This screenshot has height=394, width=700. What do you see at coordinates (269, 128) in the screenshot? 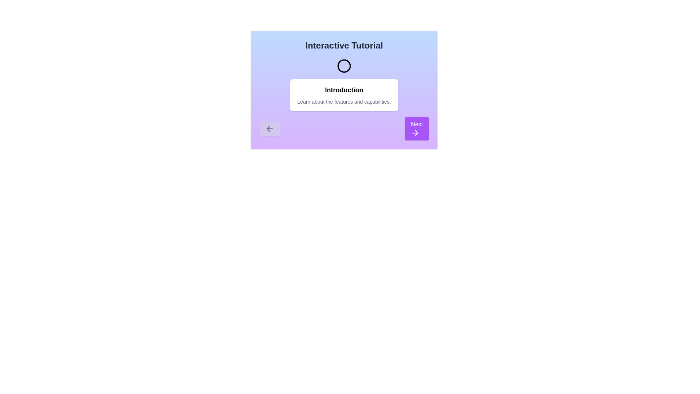
I see `'Previous' arrow button to navigate to the previous step` at bounding box center [269, 128].